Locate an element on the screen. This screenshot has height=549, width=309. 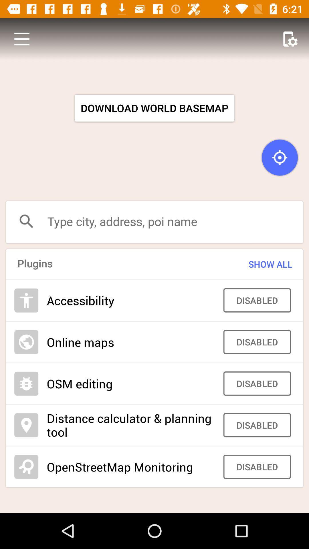
icon below the type city address is located at coordinates (259, 264).